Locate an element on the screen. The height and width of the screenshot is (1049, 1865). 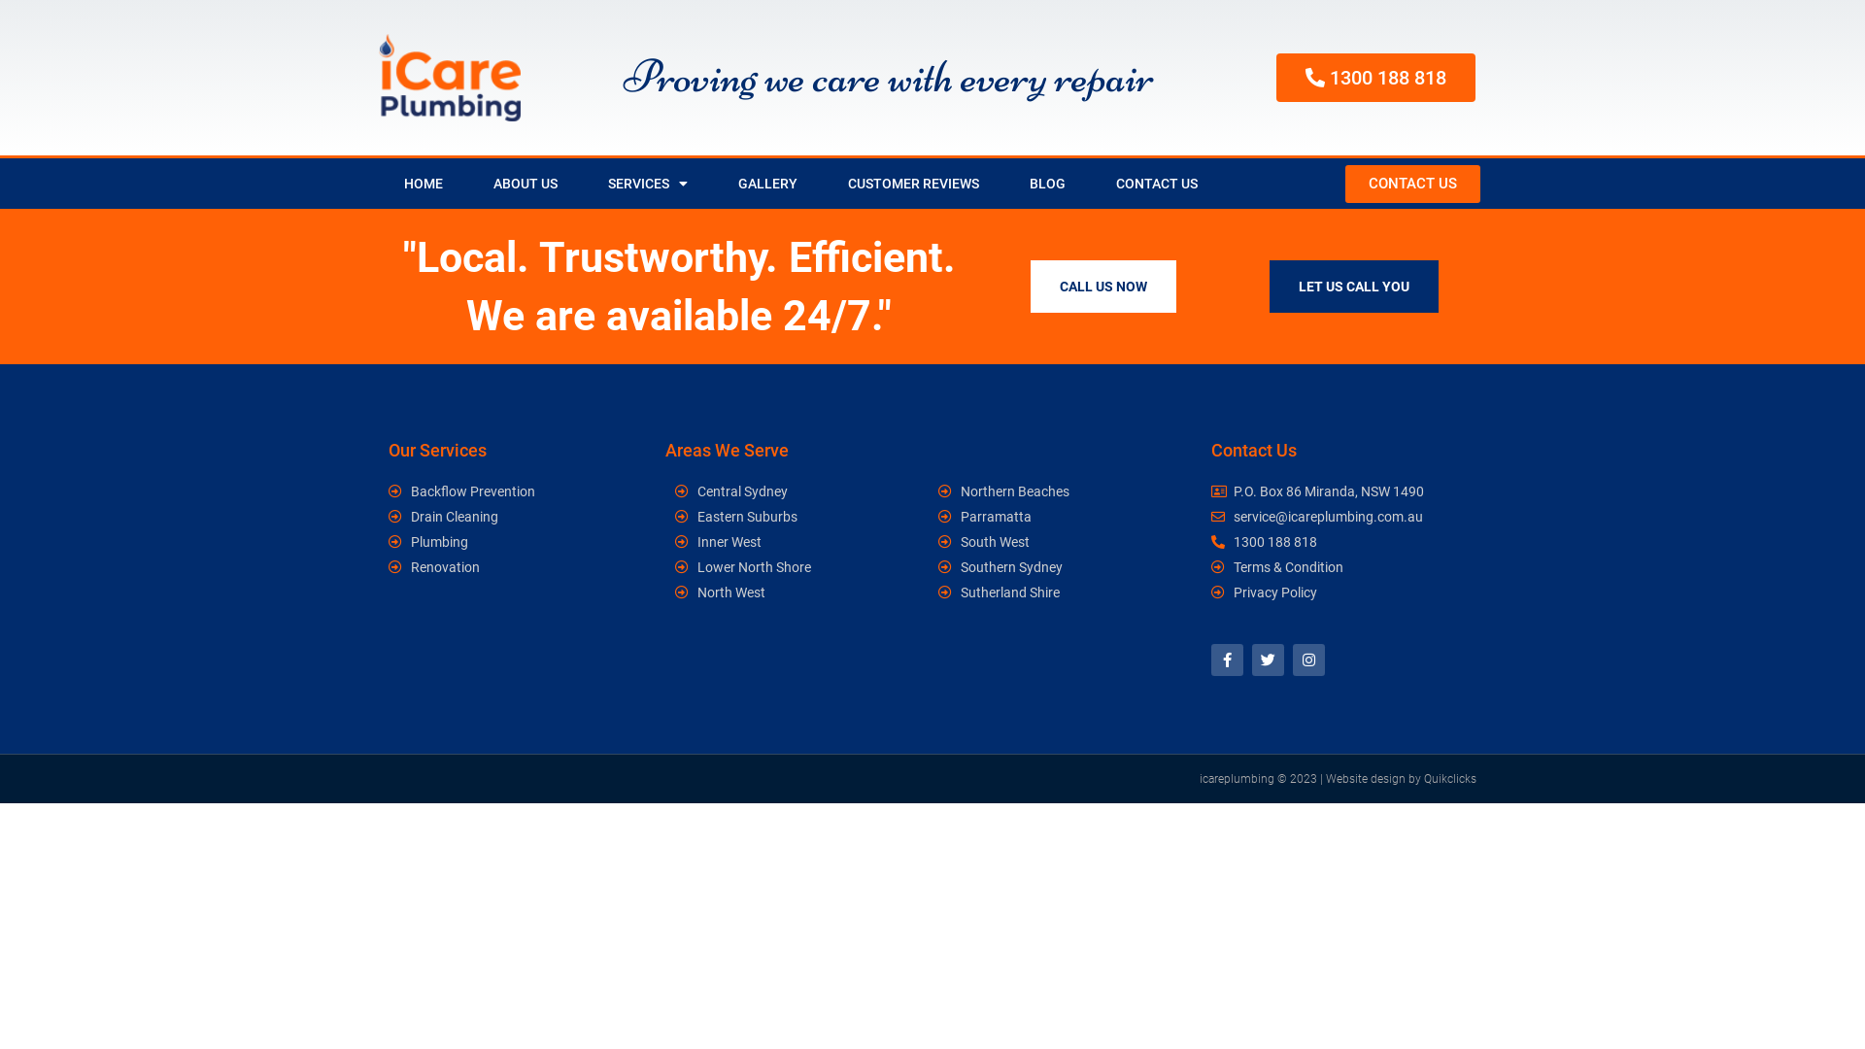
'South West' is located at coordinates (1059, 542).